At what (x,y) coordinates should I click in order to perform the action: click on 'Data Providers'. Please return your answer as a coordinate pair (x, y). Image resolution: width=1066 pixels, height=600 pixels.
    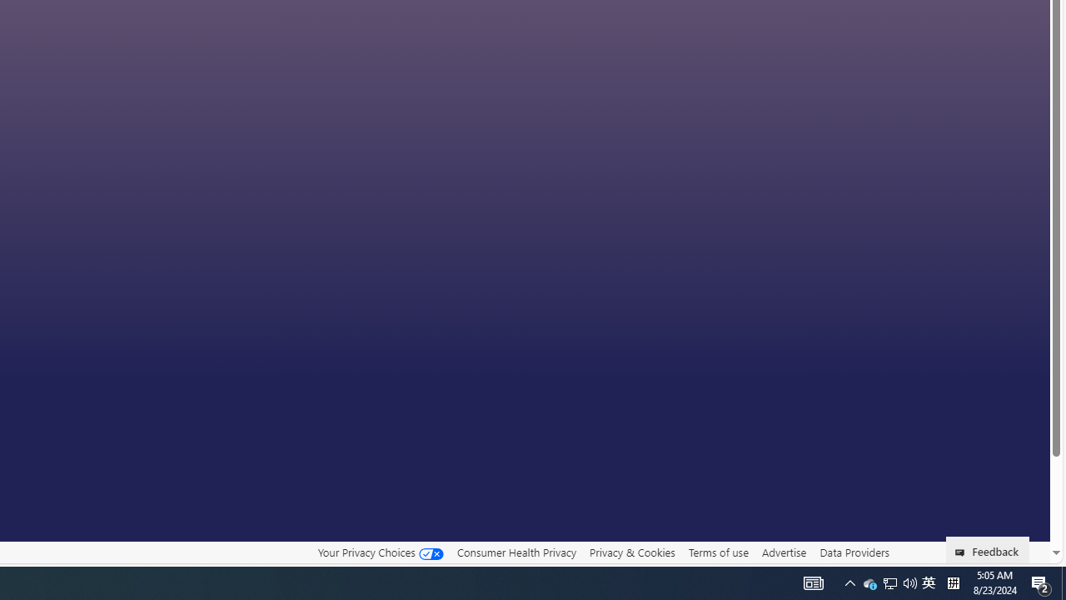
    Looking at the image, I should click on (854, 552).